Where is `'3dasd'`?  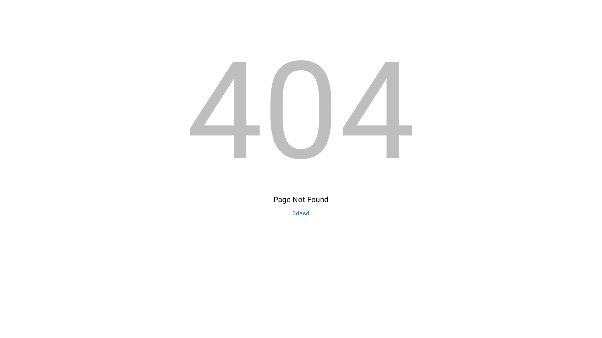
'3dasd' is located at coordinates (301, 213).